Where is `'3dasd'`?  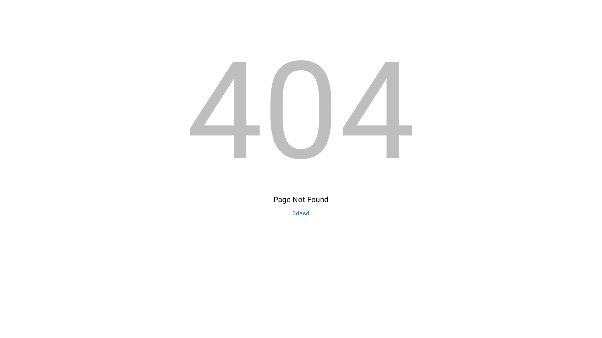
'3dasd' is located at coordinates (301, 213).